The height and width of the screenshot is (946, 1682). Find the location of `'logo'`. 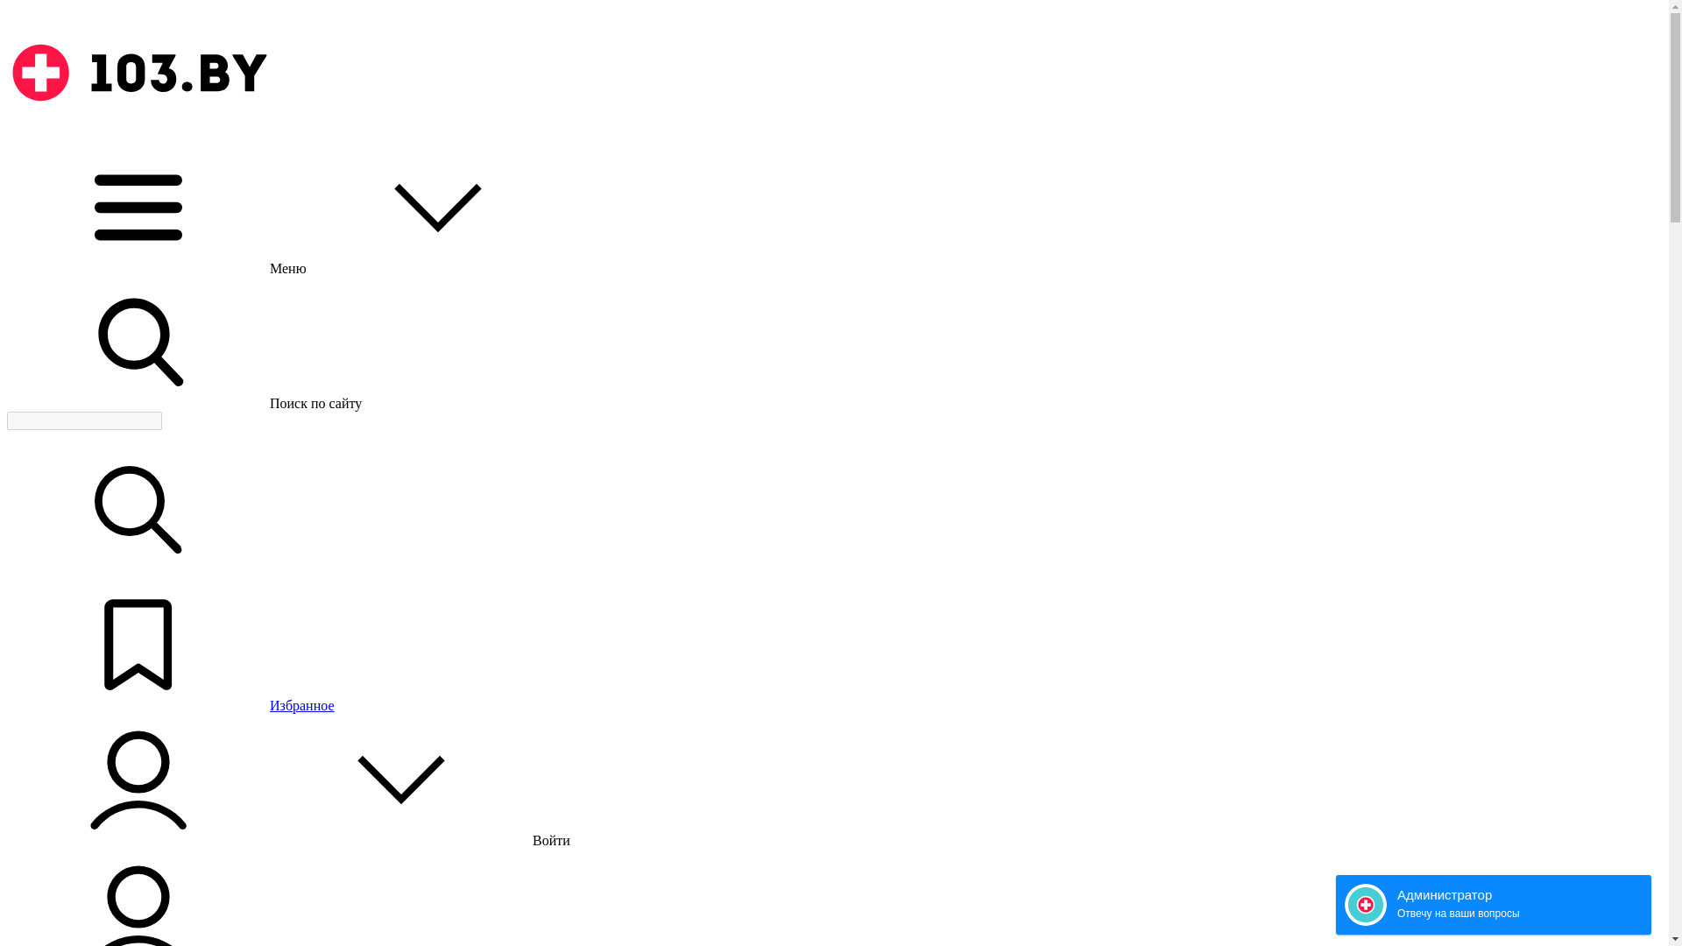

'logo' is located at coordinates (138, 132).